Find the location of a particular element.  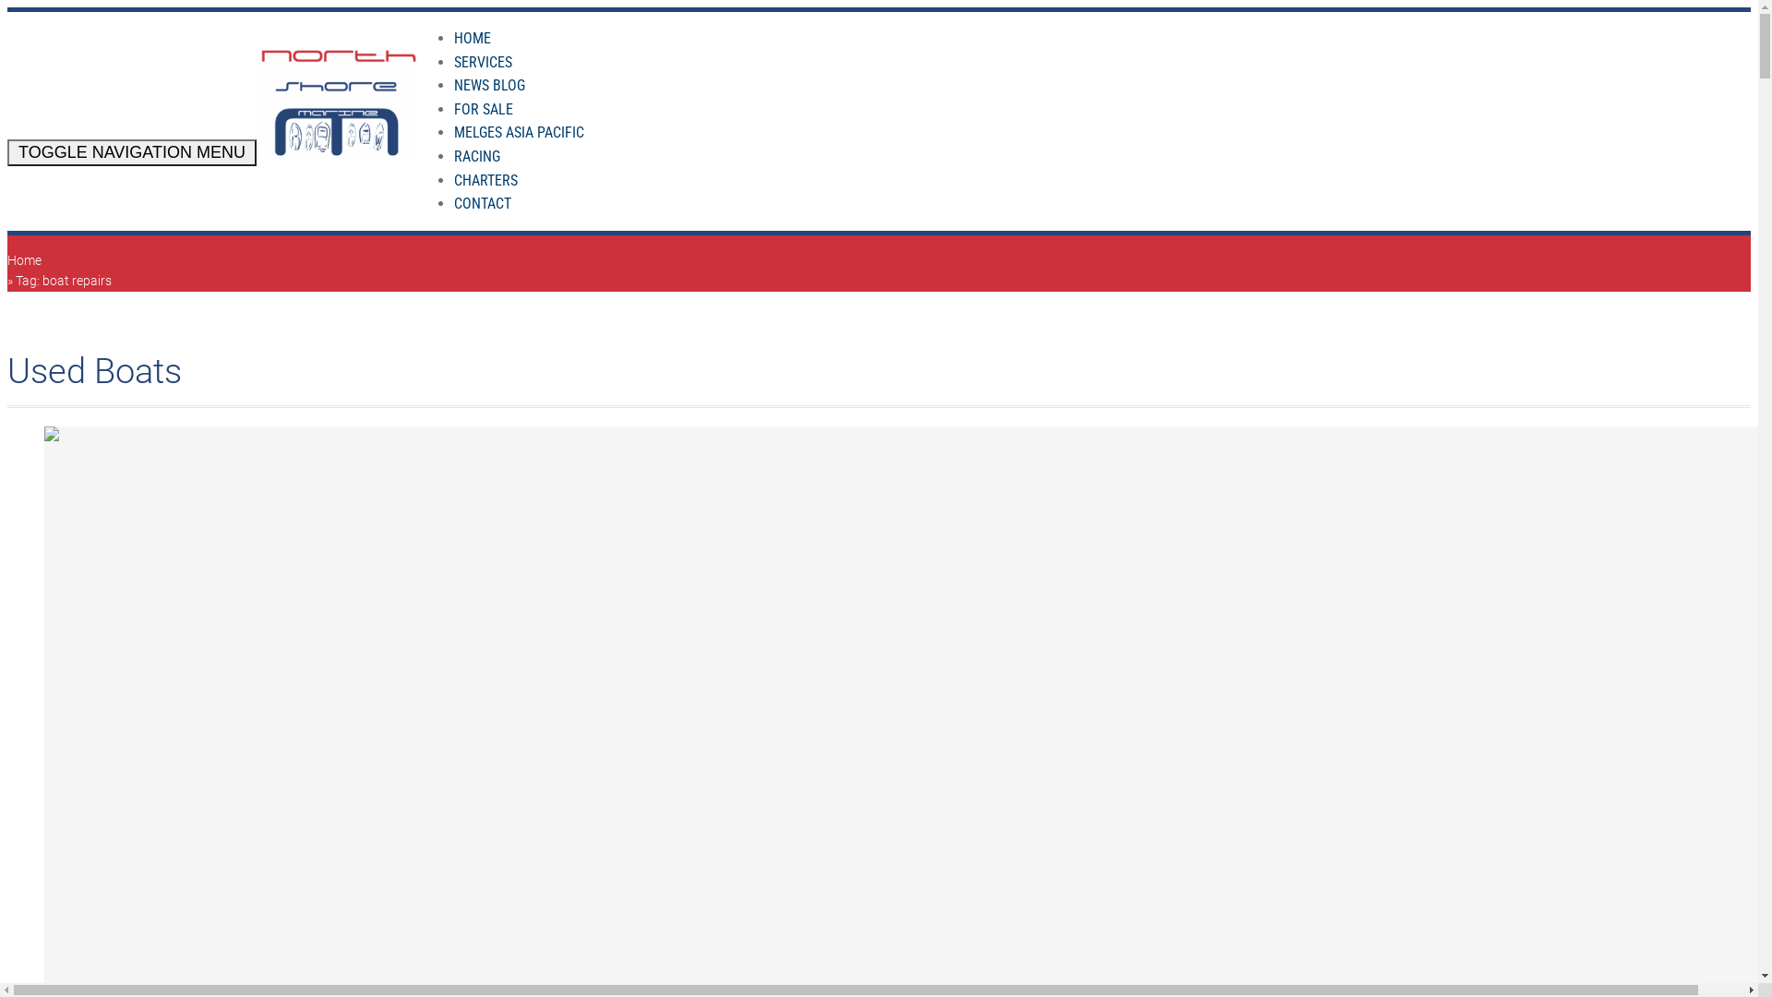

'MELGES ASIA PACIFIC' is located at coordinates (518, 131).